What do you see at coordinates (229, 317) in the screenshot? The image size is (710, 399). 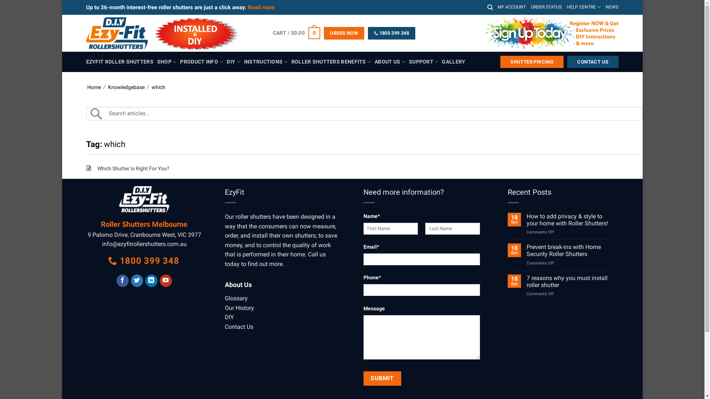 I see `'DIY'` at bounding box center [229, 317].